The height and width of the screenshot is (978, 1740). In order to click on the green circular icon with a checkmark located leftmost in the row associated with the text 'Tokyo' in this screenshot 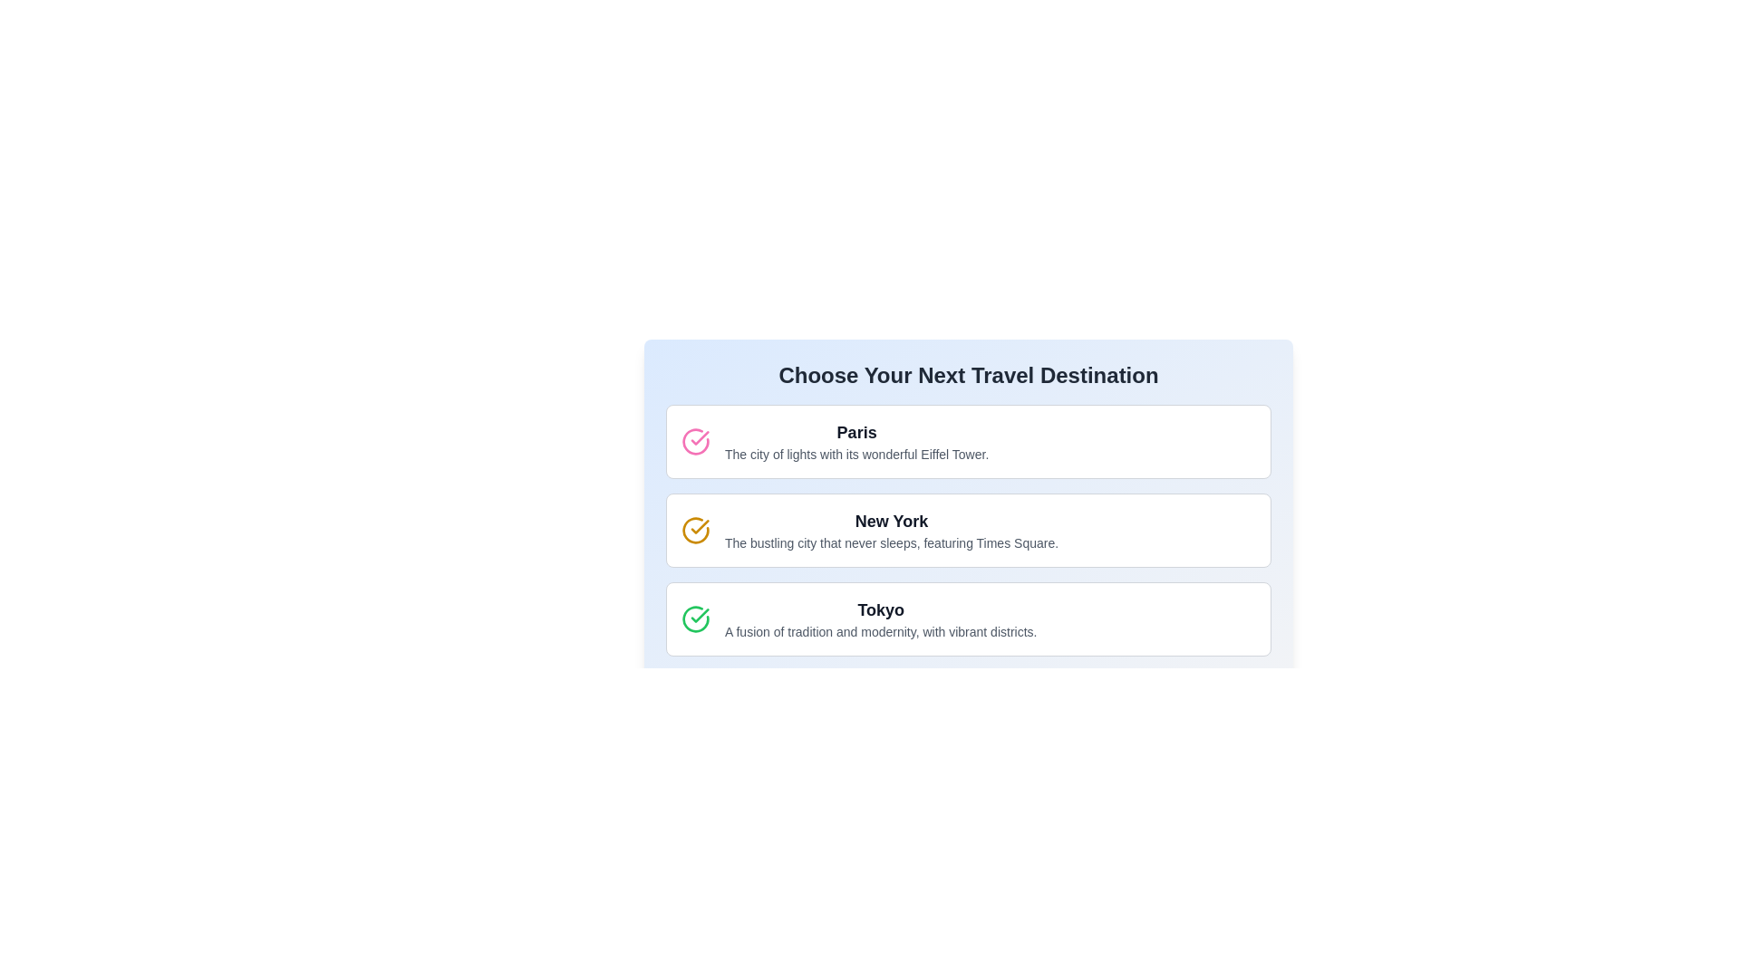, I will do `click(695, 618)`.